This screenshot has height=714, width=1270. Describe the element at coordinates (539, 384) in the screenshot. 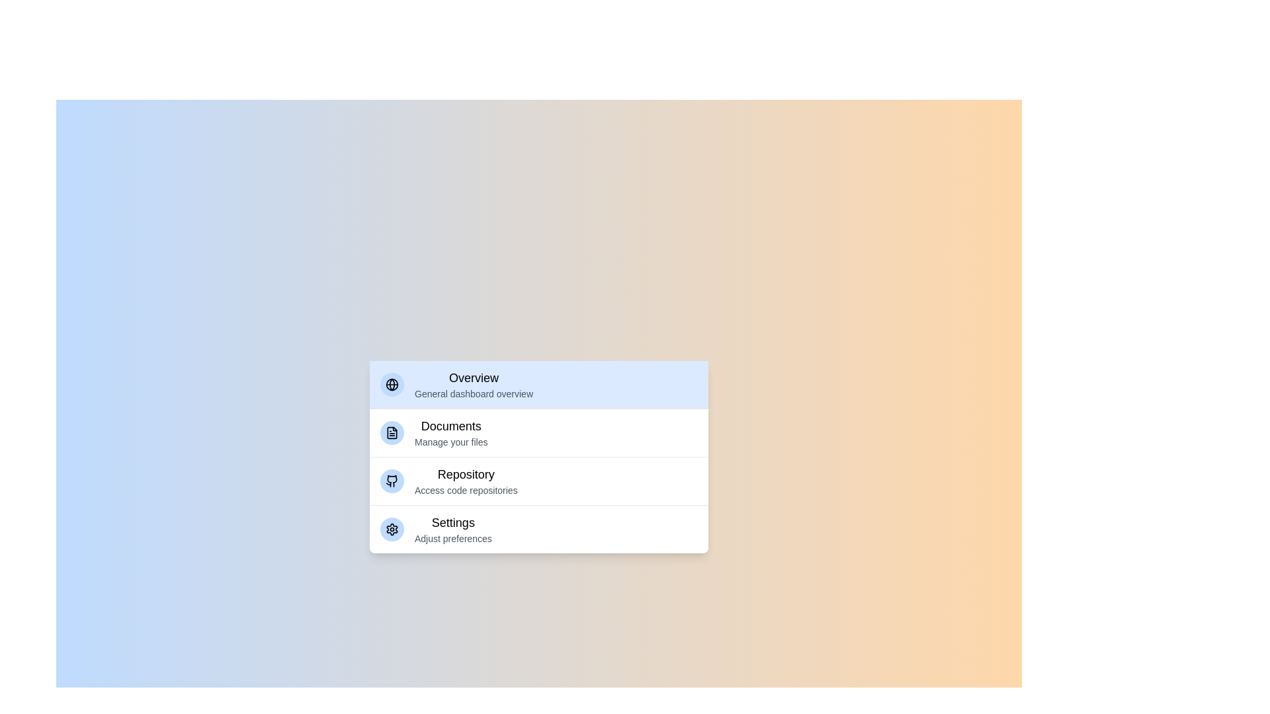

I see `the category Overview from the menu` at that location.